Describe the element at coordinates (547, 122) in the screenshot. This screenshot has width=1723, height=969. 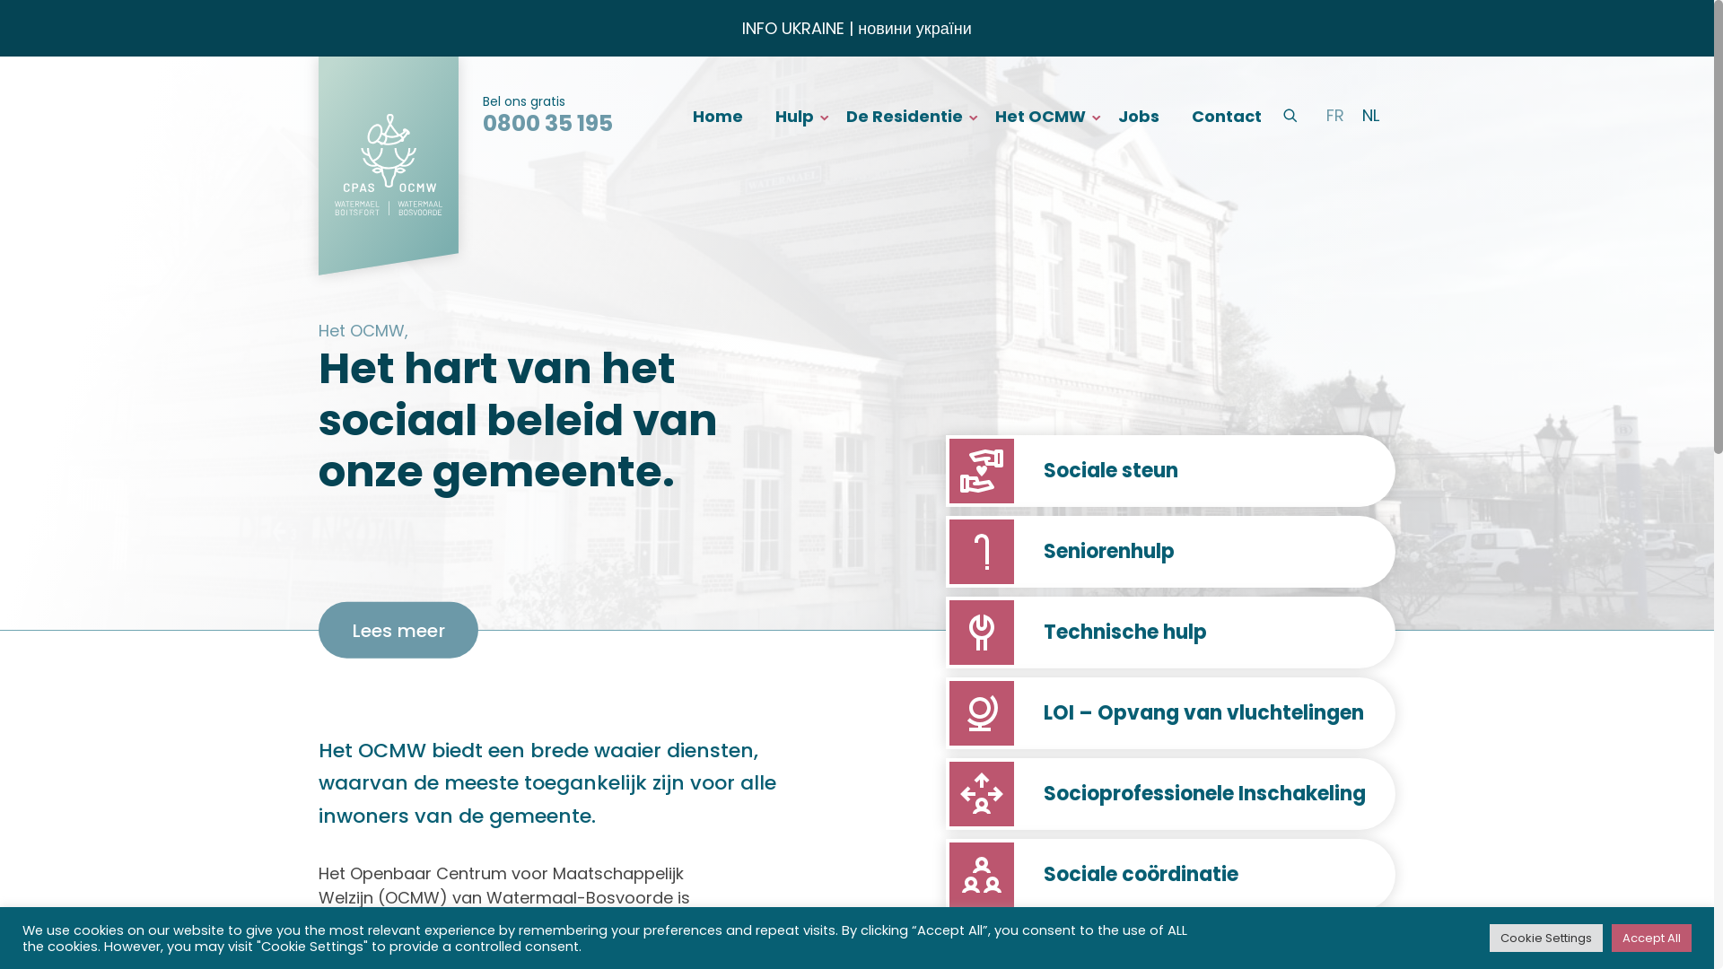
I see `'0800 35 195'` at that location.